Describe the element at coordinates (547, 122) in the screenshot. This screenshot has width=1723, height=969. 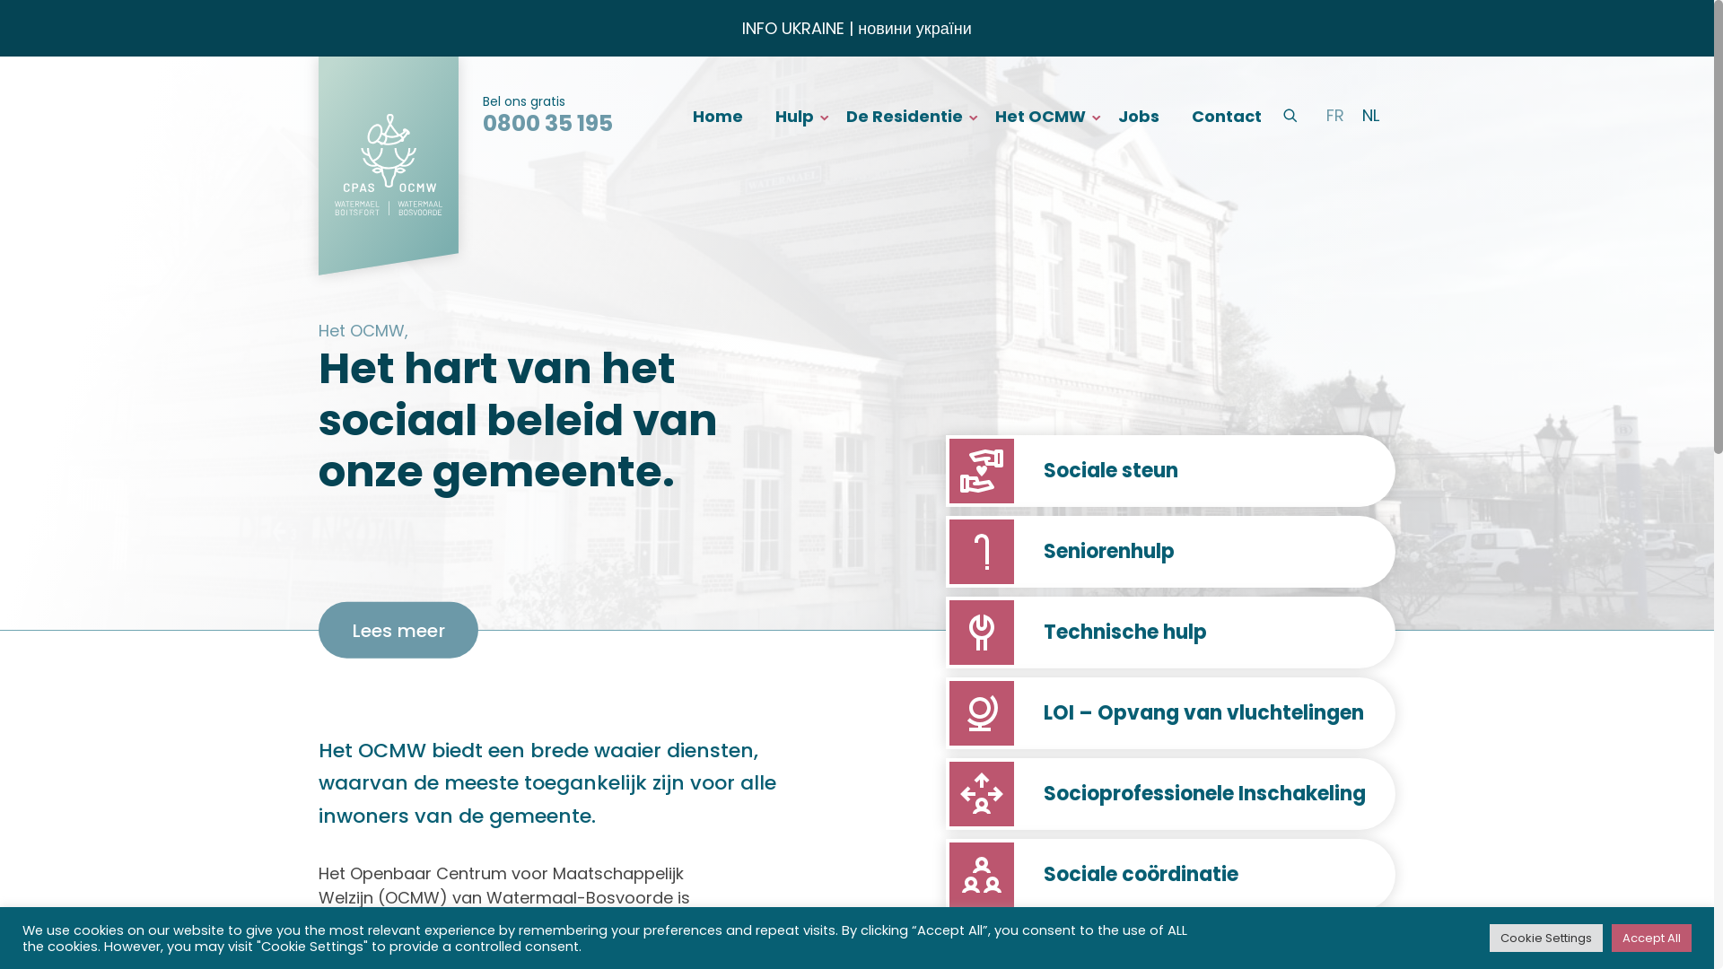
I see `'0800 35 195'` at that location.